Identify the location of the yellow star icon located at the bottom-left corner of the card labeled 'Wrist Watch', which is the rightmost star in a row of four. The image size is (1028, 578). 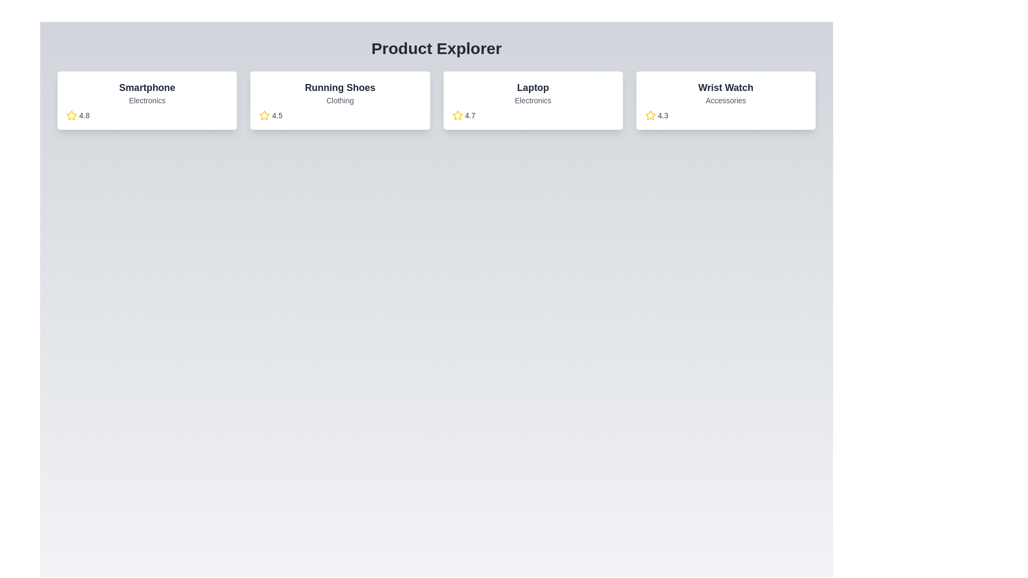
(649, 115).